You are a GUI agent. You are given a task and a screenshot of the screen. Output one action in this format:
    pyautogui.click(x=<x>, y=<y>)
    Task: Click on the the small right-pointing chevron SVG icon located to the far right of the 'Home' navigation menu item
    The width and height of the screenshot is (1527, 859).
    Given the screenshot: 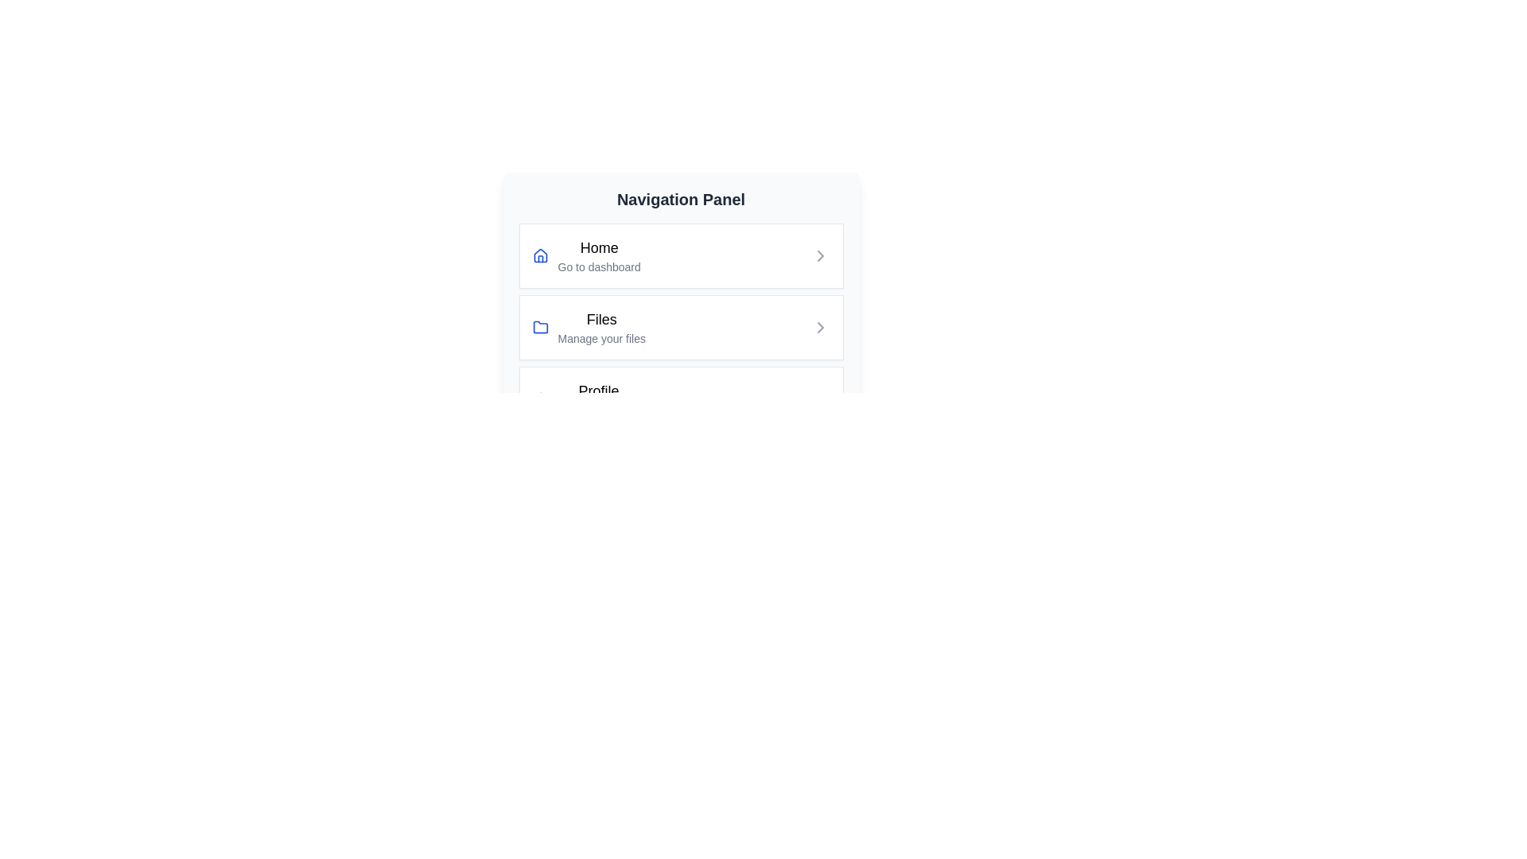 What is the action you would take?
    pyautogui.click(x=820, y=255)
    